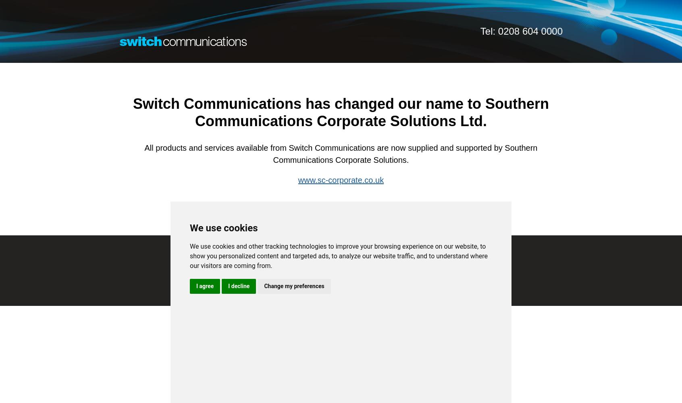 The image size is (682, 403). Describe the element at coordinates (368, 270) in the screenshot. I see `', Registered Office Glebe Farm, Down Street, Dummer, Basingstoke, Hampshire RG25 2AD | Tel: 0208 604 0000'` at that location.